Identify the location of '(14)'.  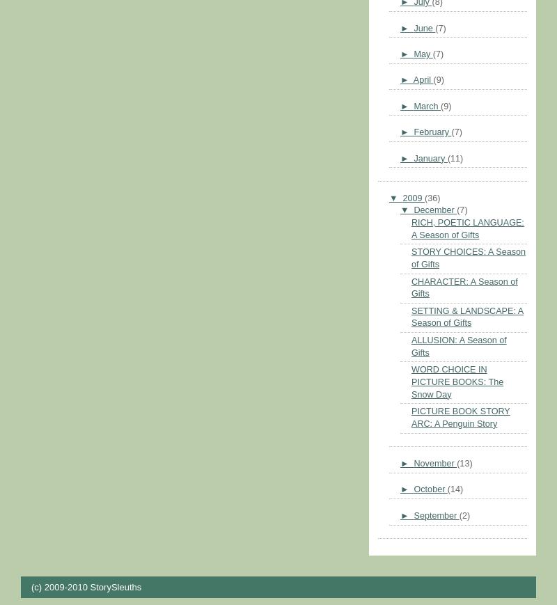
(454, 489).